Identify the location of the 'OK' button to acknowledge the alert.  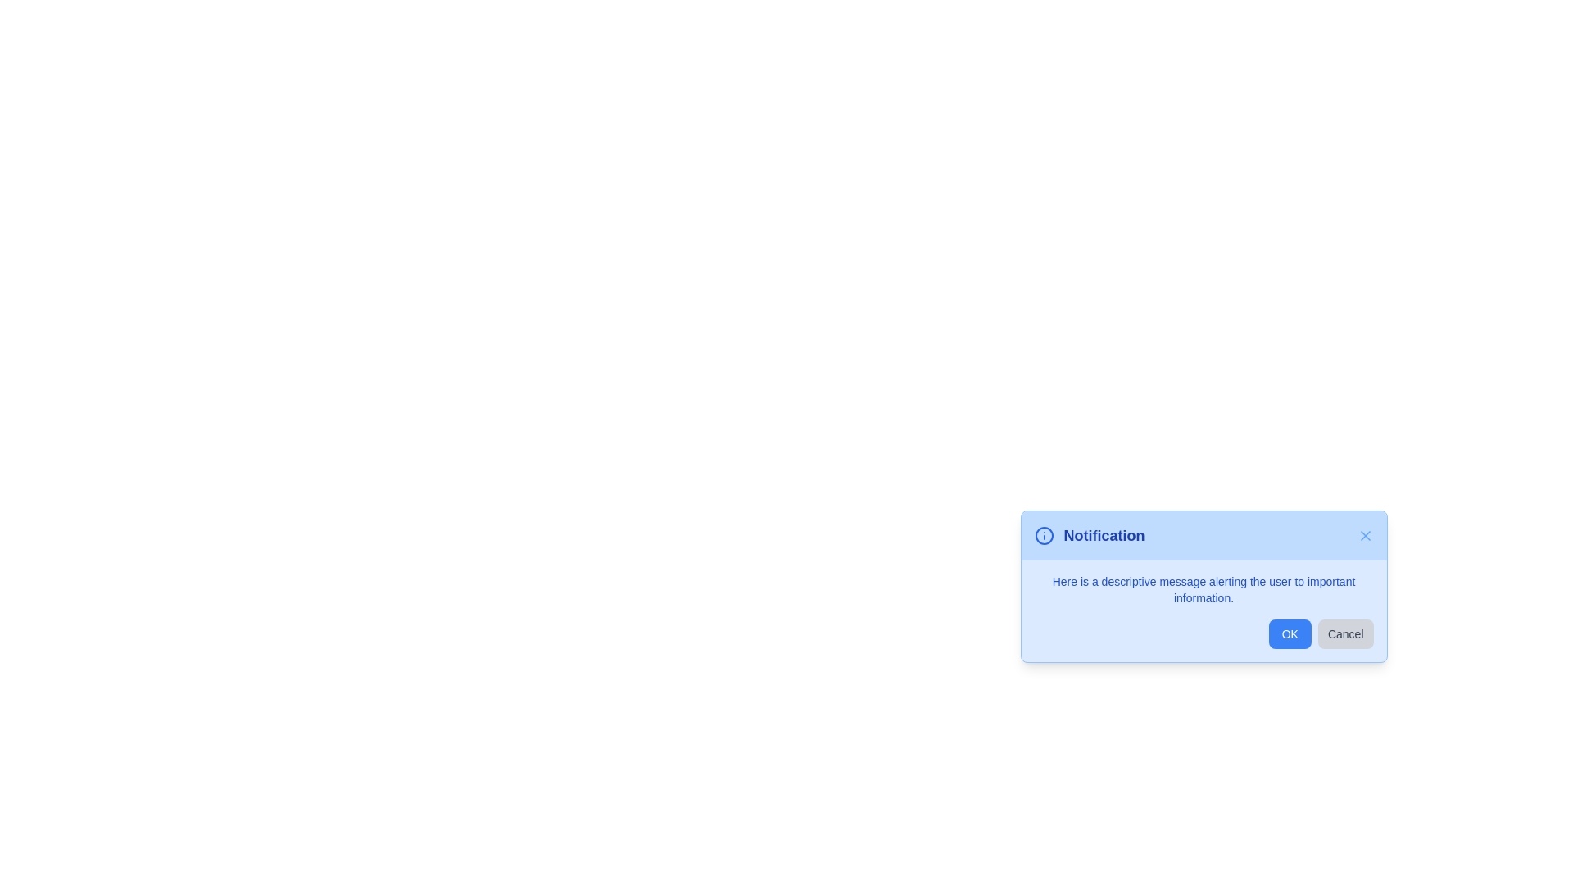
(1289, 633).